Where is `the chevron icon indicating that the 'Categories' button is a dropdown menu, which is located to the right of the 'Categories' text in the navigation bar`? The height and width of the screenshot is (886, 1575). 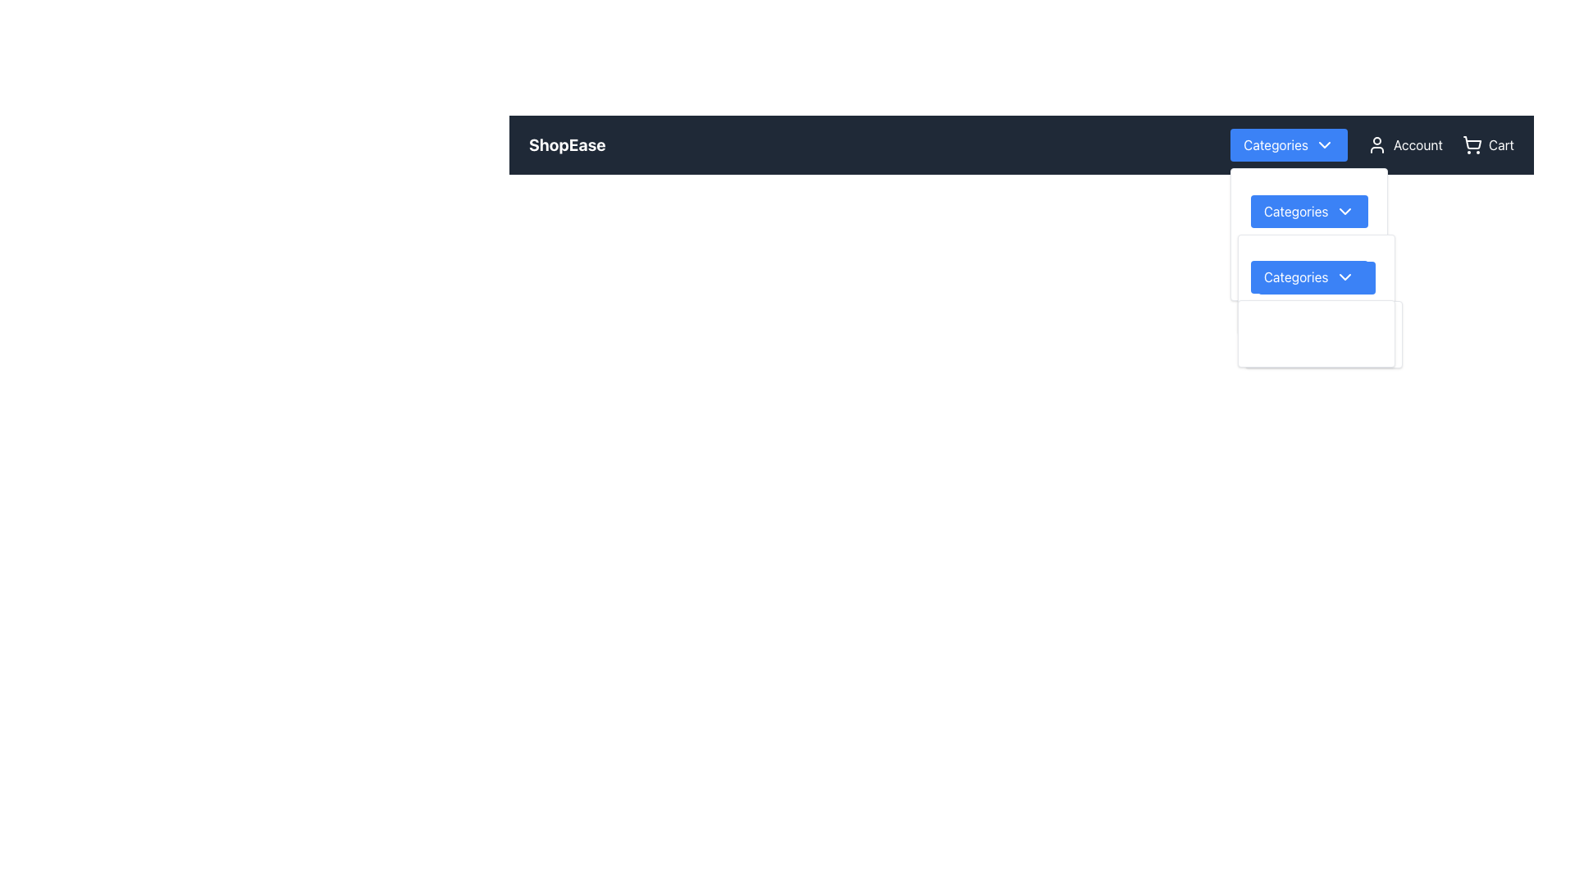
the chevron icon indicating that the 'Categories' button is a dropdown menu, which is located to the right of the 'Categories' text in the navigation bar is located at coordinates (1344, 276).